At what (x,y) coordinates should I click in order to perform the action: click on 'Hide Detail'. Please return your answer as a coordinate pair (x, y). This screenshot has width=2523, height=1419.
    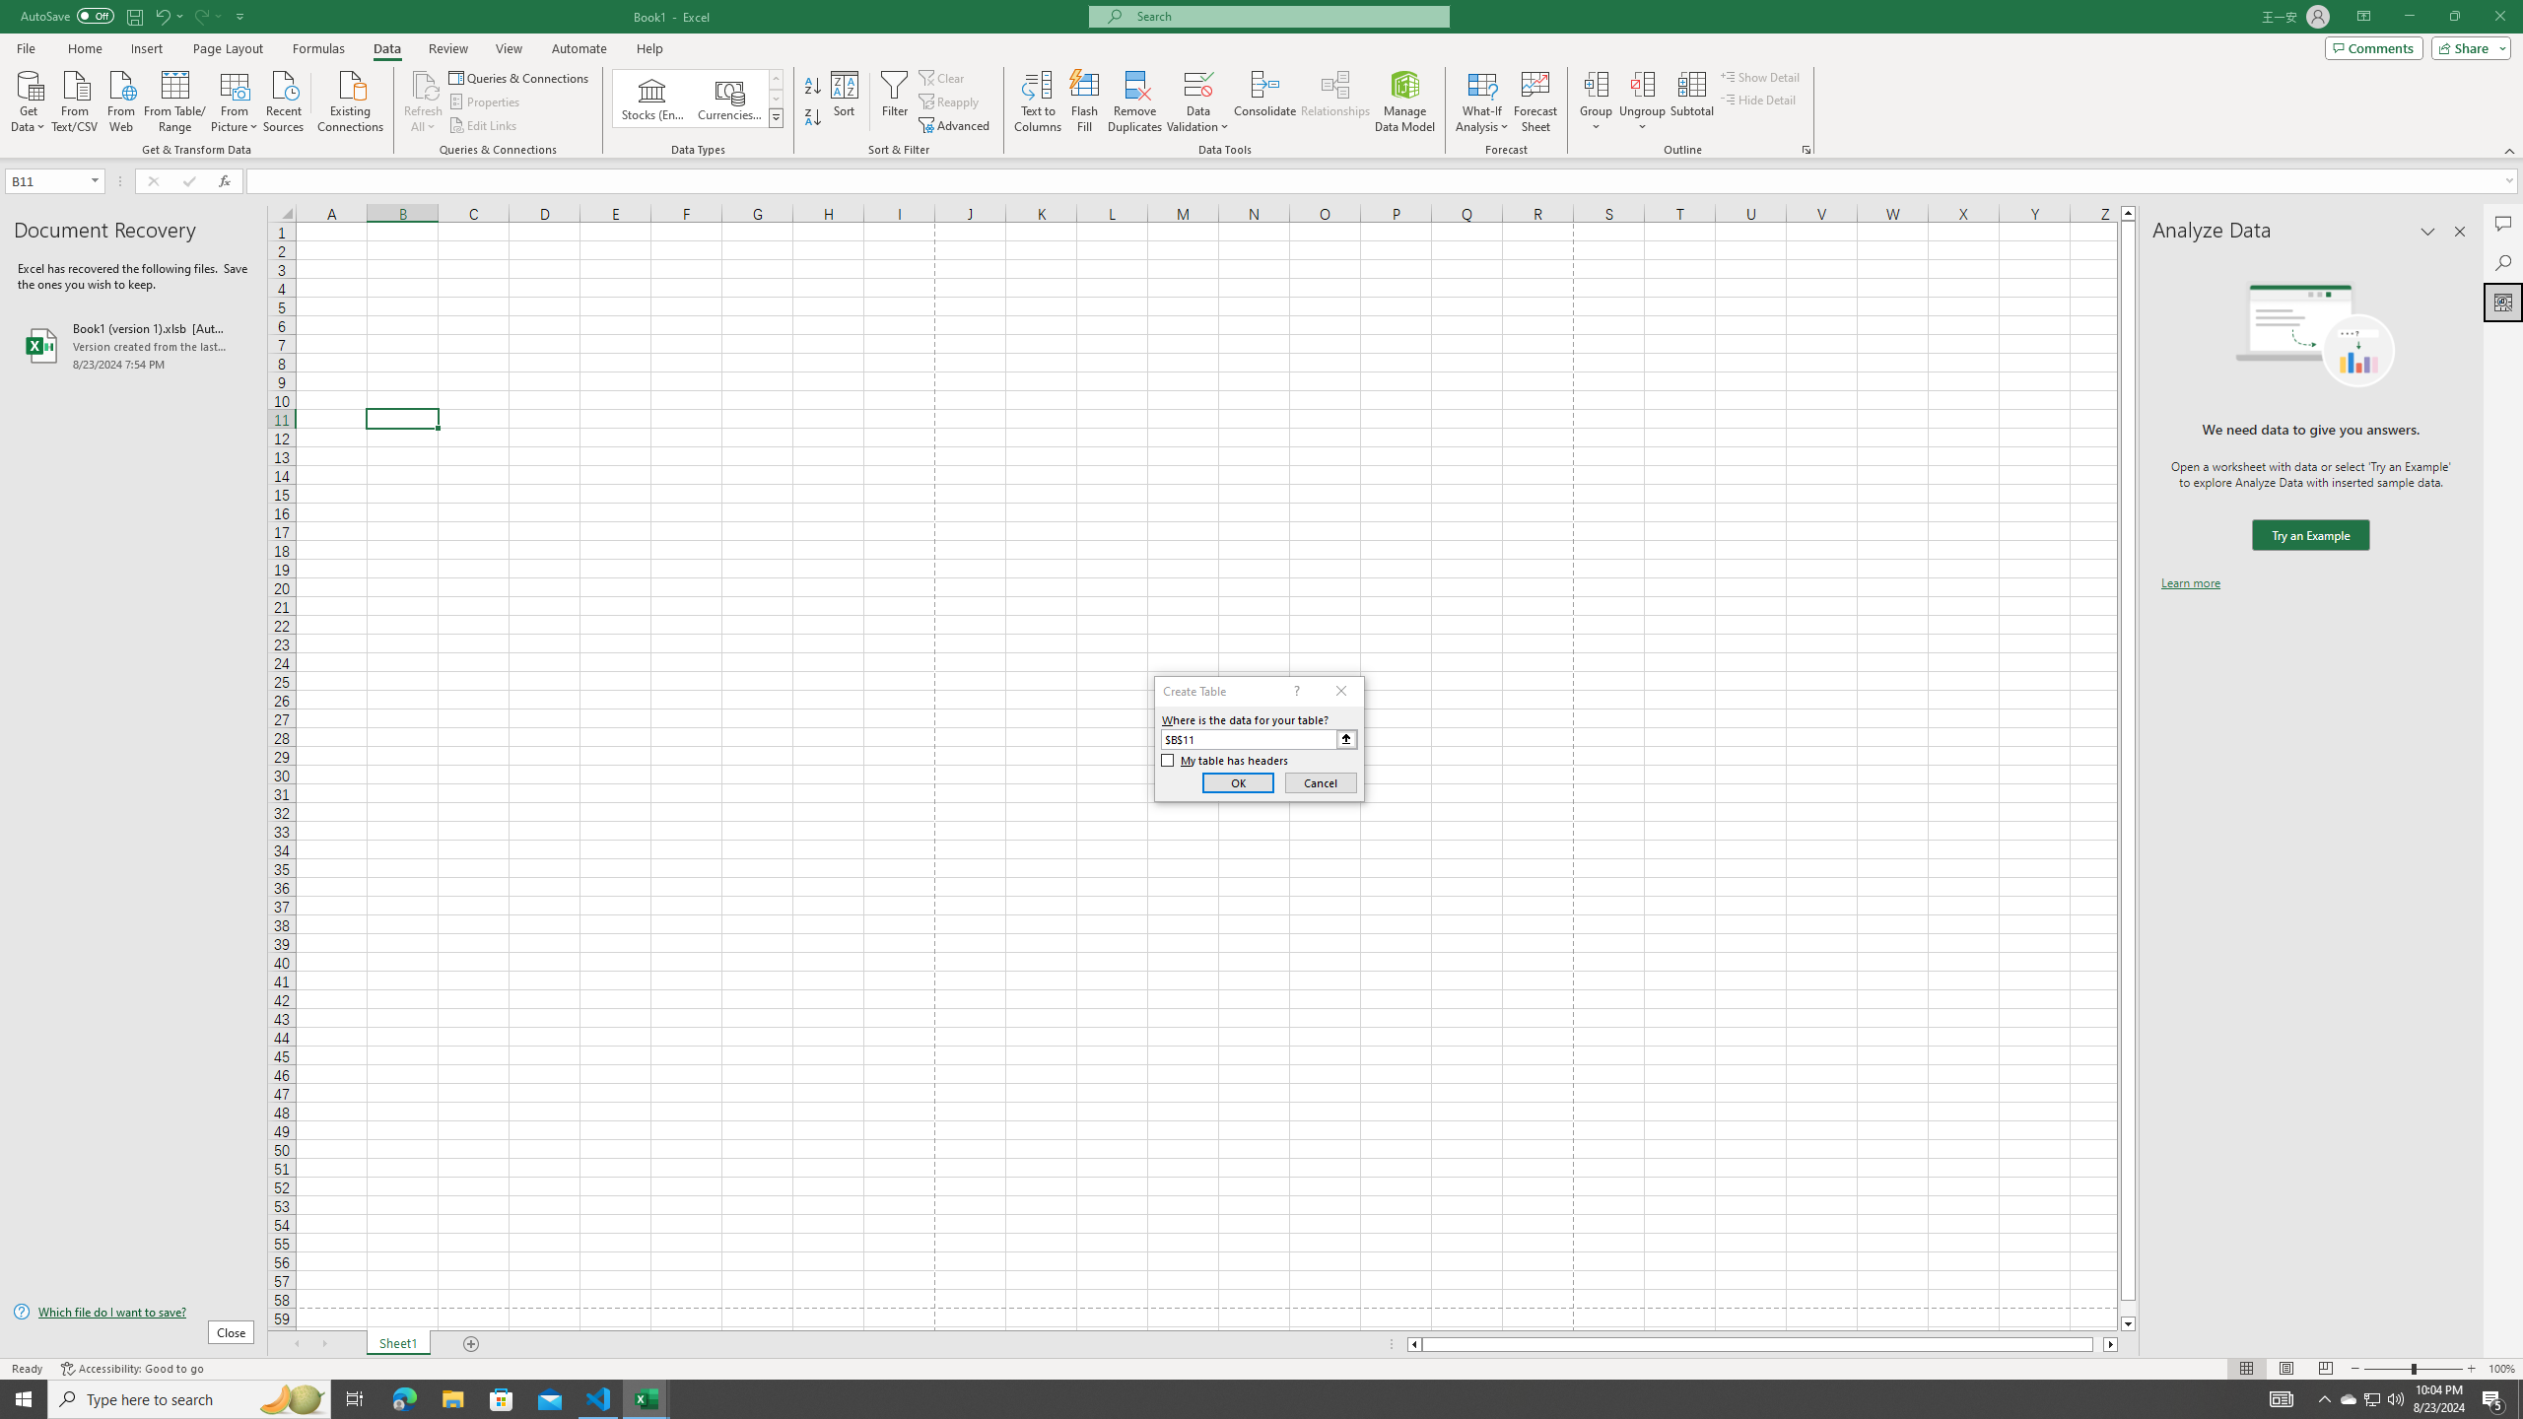
    Looking at the image, I should click on (1758, 98).